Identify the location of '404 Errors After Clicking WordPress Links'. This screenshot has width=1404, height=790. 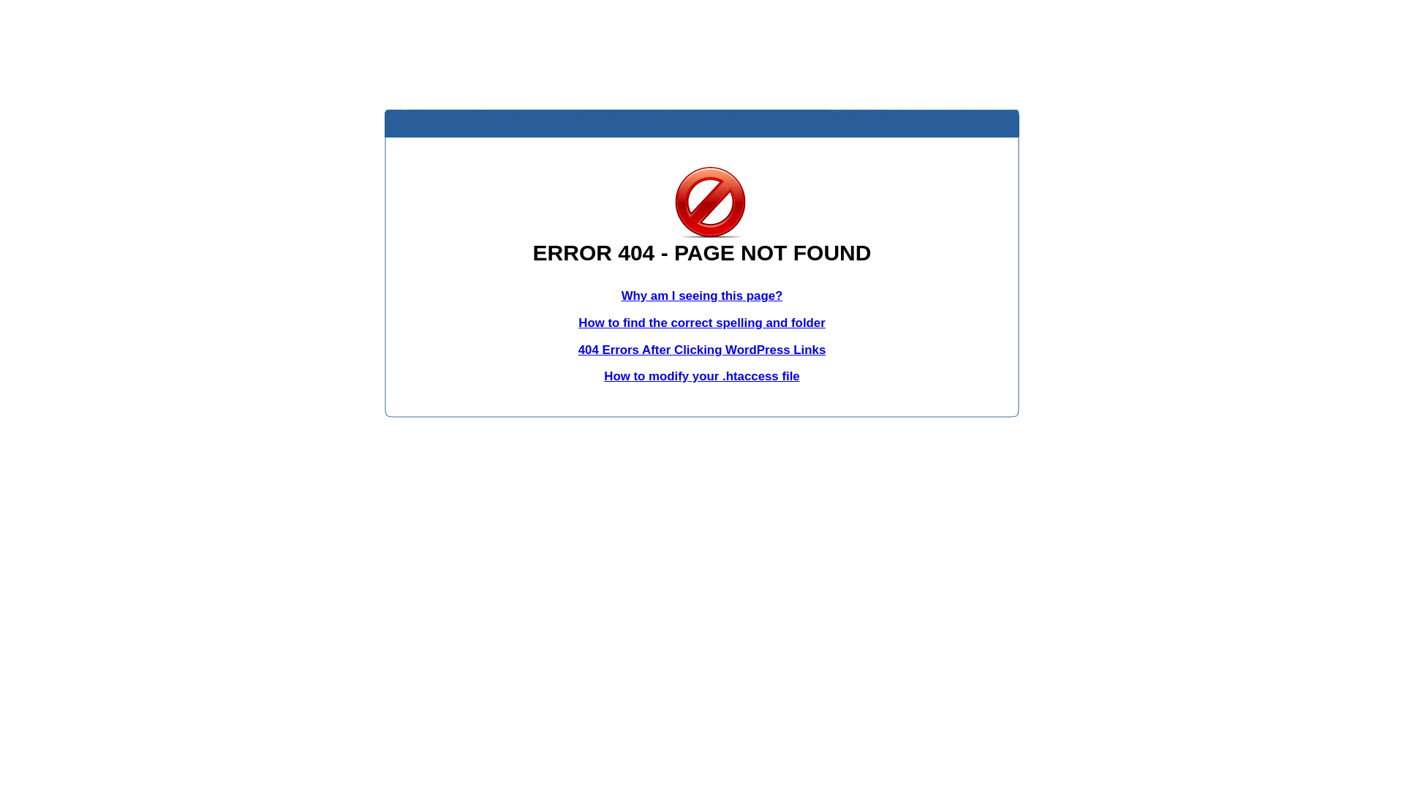
(702, 350).